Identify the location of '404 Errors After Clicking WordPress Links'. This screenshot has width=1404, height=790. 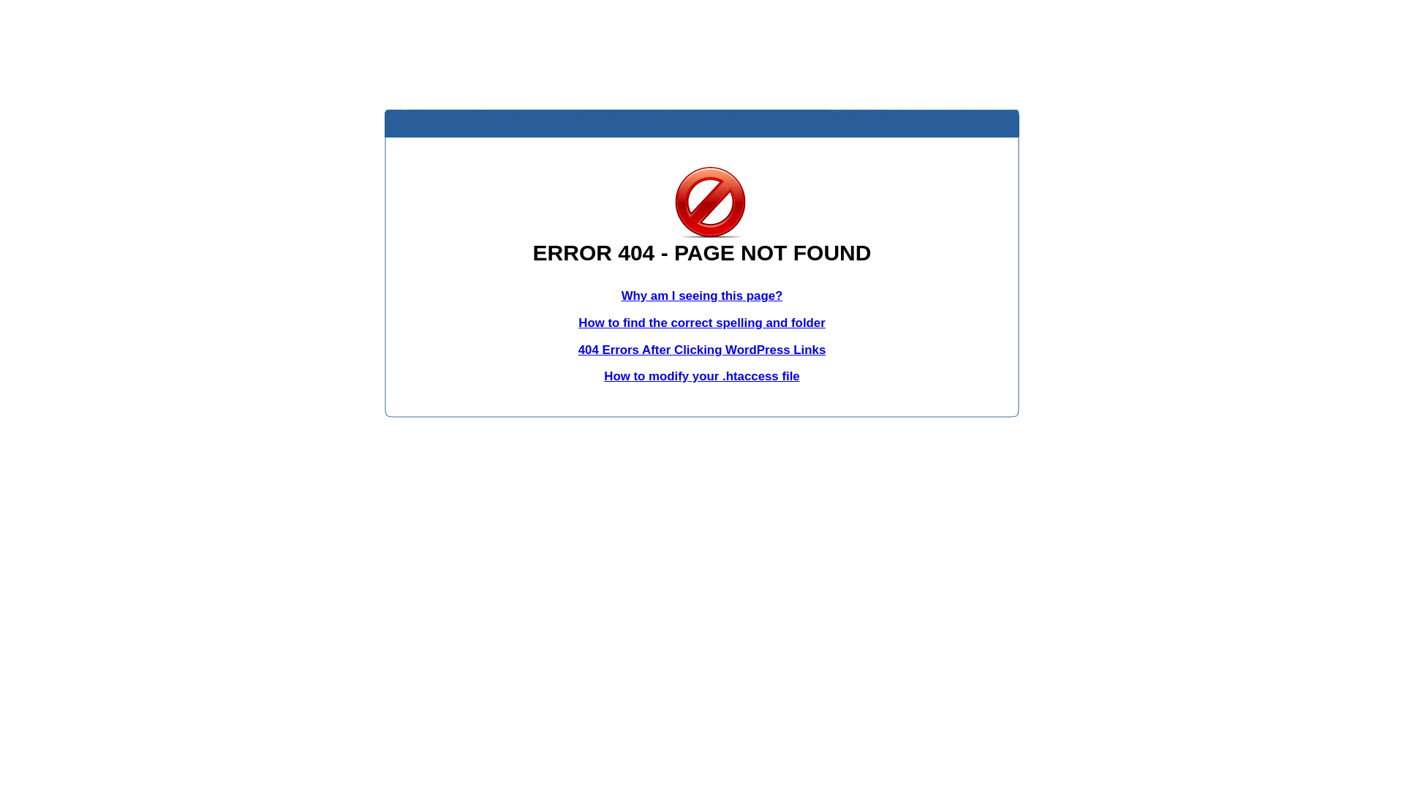
(702, 350).